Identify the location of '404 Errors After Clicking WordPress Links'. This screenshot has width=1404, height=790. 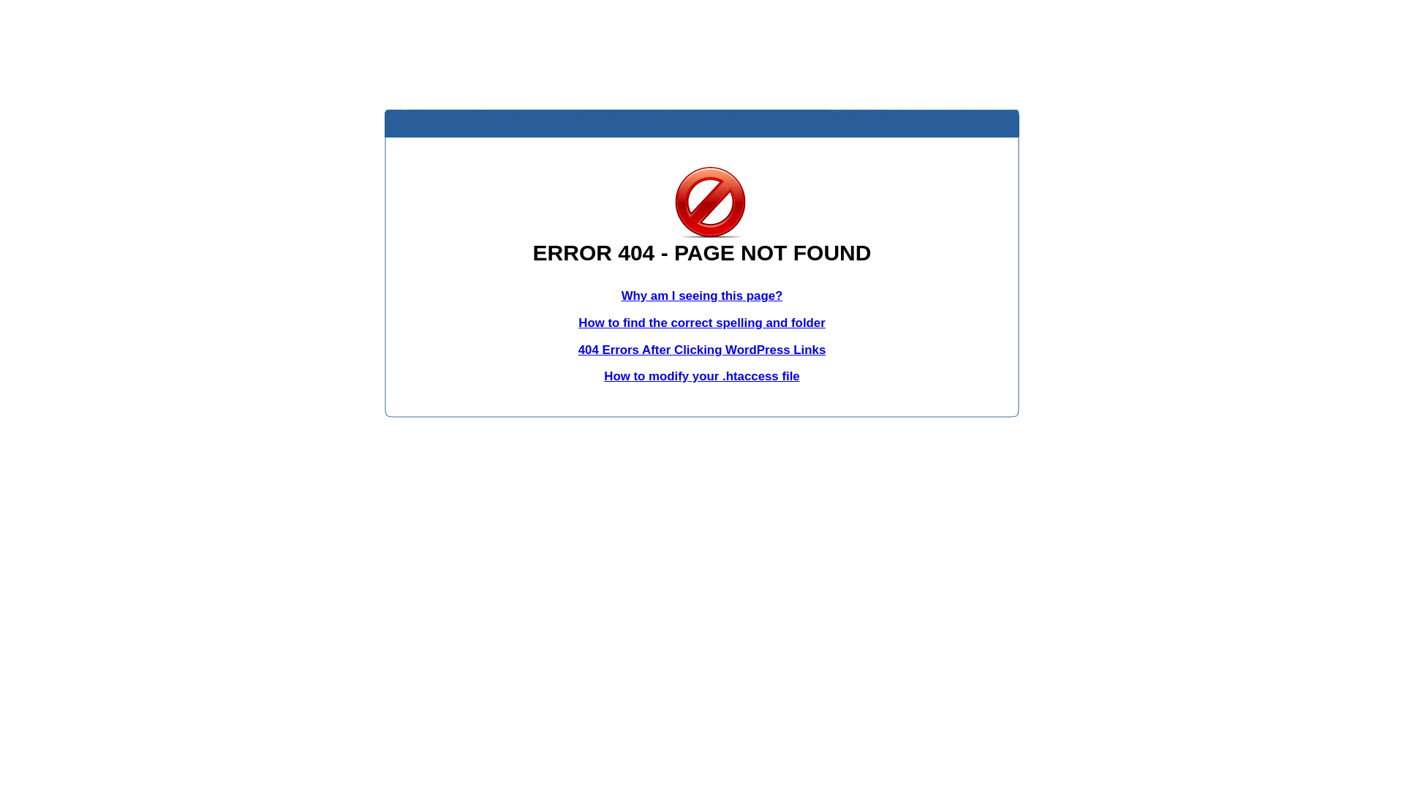
(702, 350).